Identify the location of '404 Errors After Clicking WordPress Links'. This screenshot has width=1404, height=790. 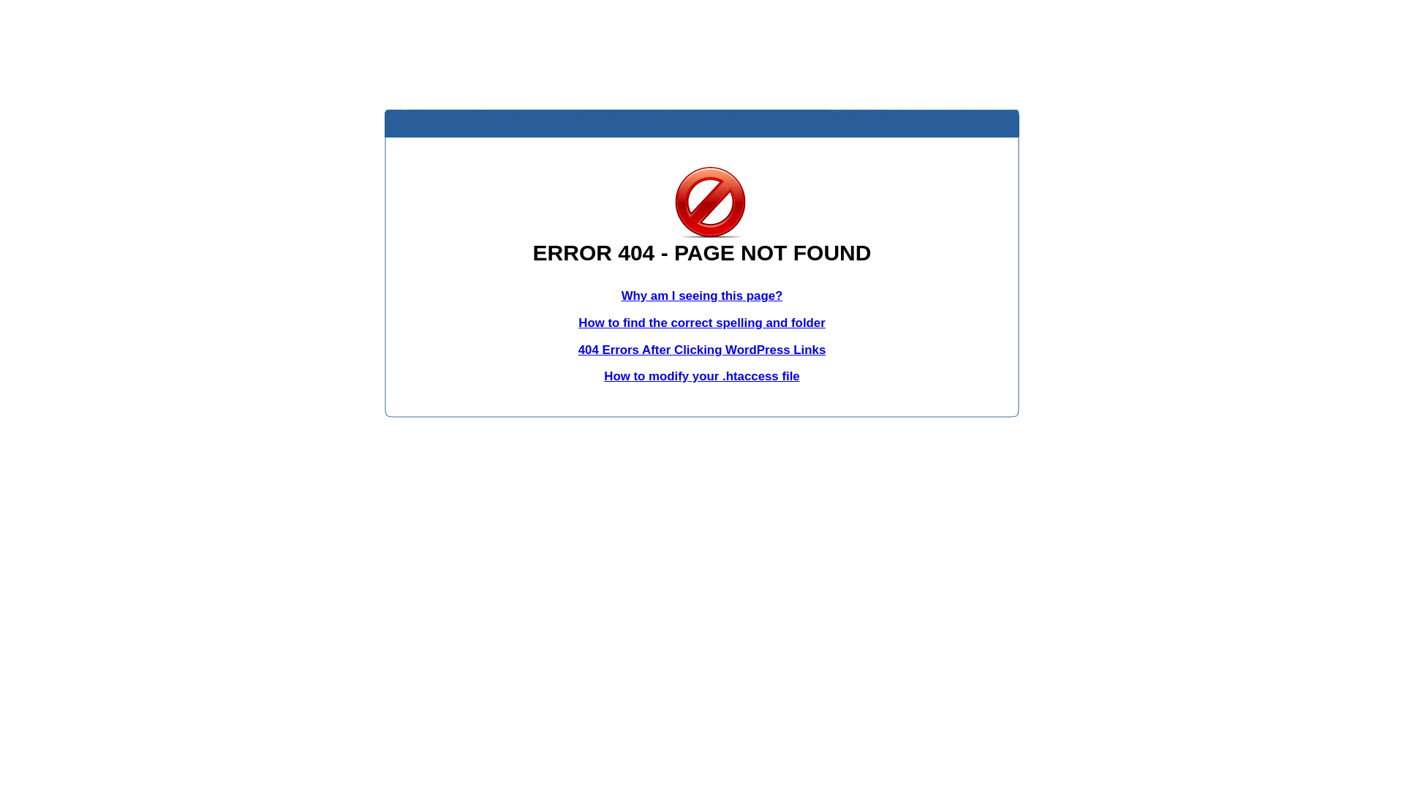
(702, 350).